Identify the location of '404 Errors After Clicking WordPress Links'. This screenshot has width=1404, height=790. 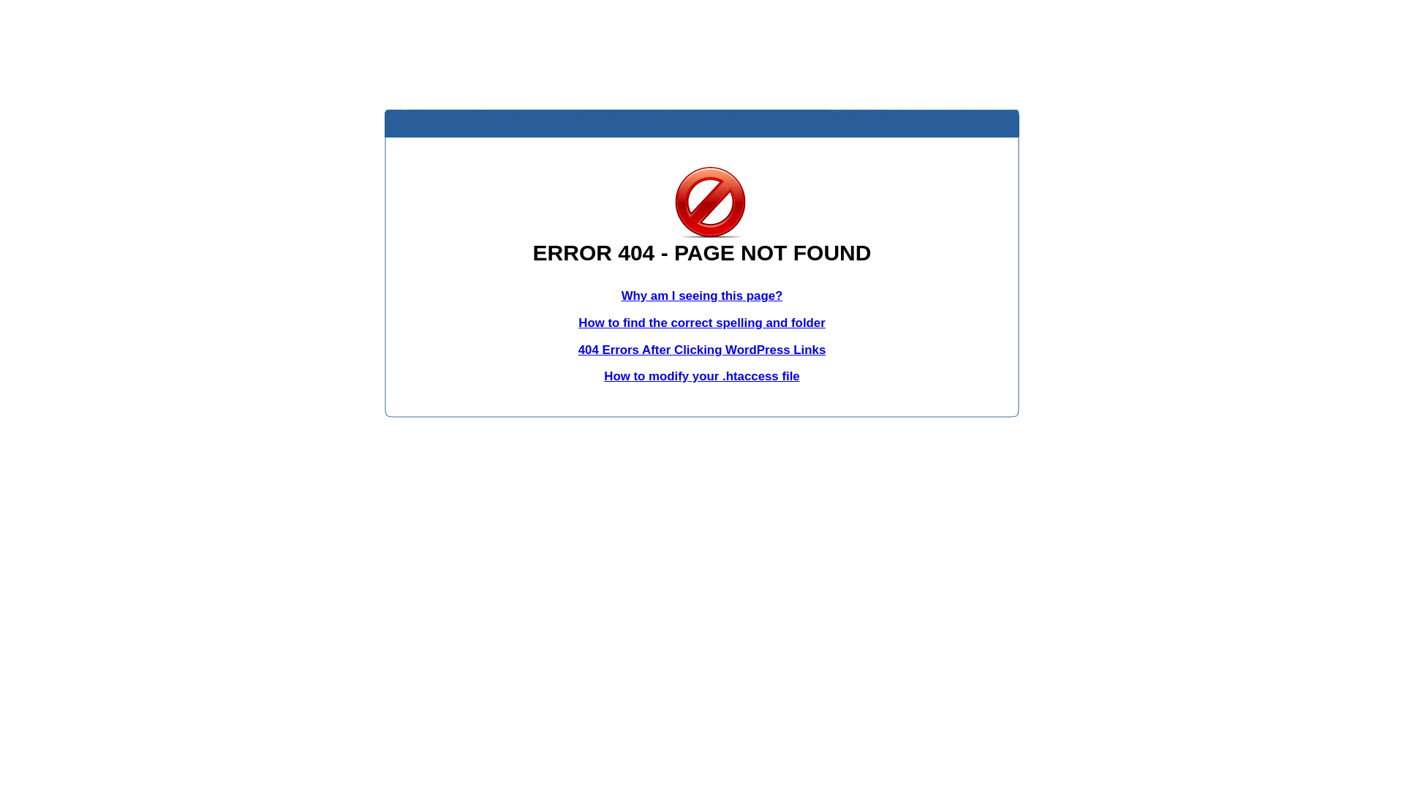
(702, 350).